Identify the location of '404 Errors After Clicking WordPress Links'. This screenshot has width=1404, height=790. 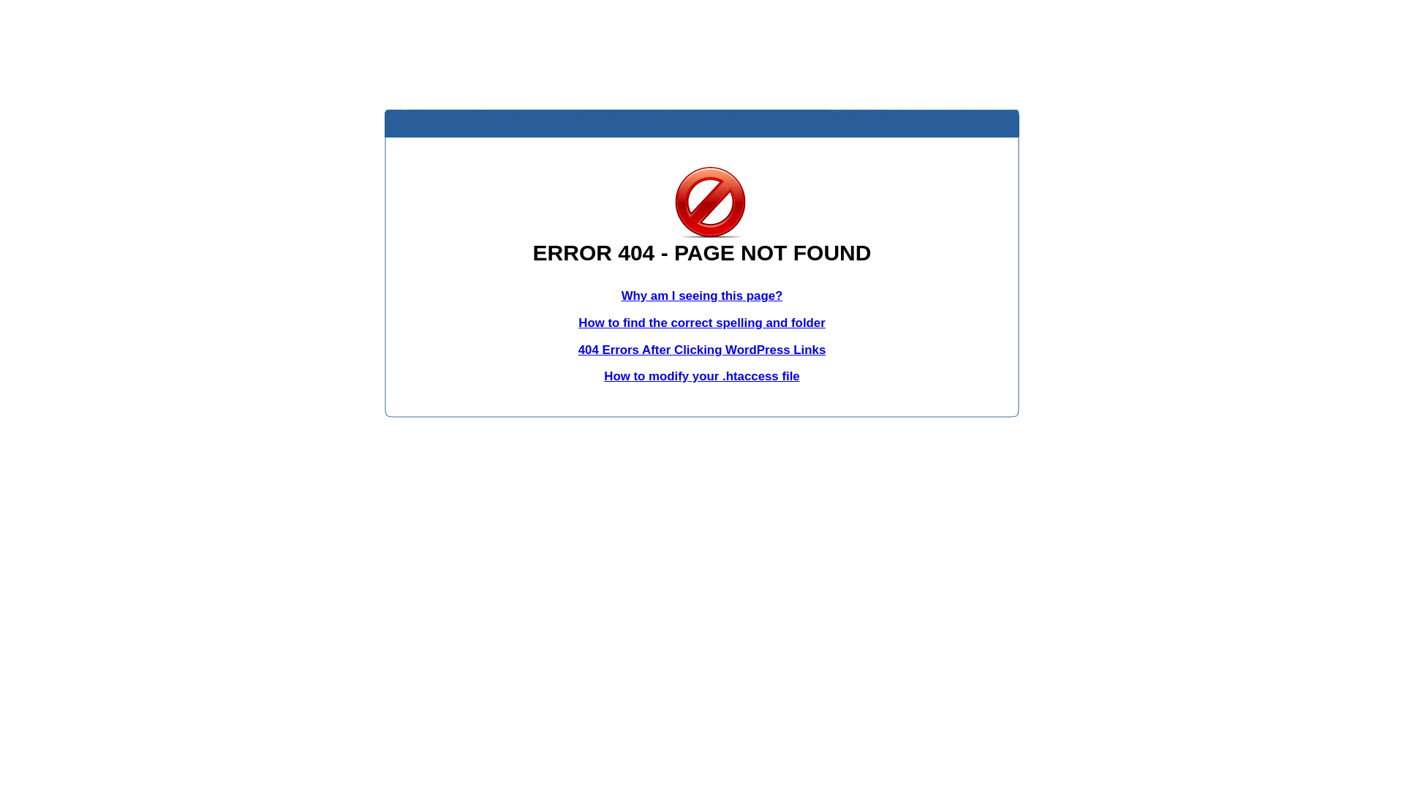
(702, 350).